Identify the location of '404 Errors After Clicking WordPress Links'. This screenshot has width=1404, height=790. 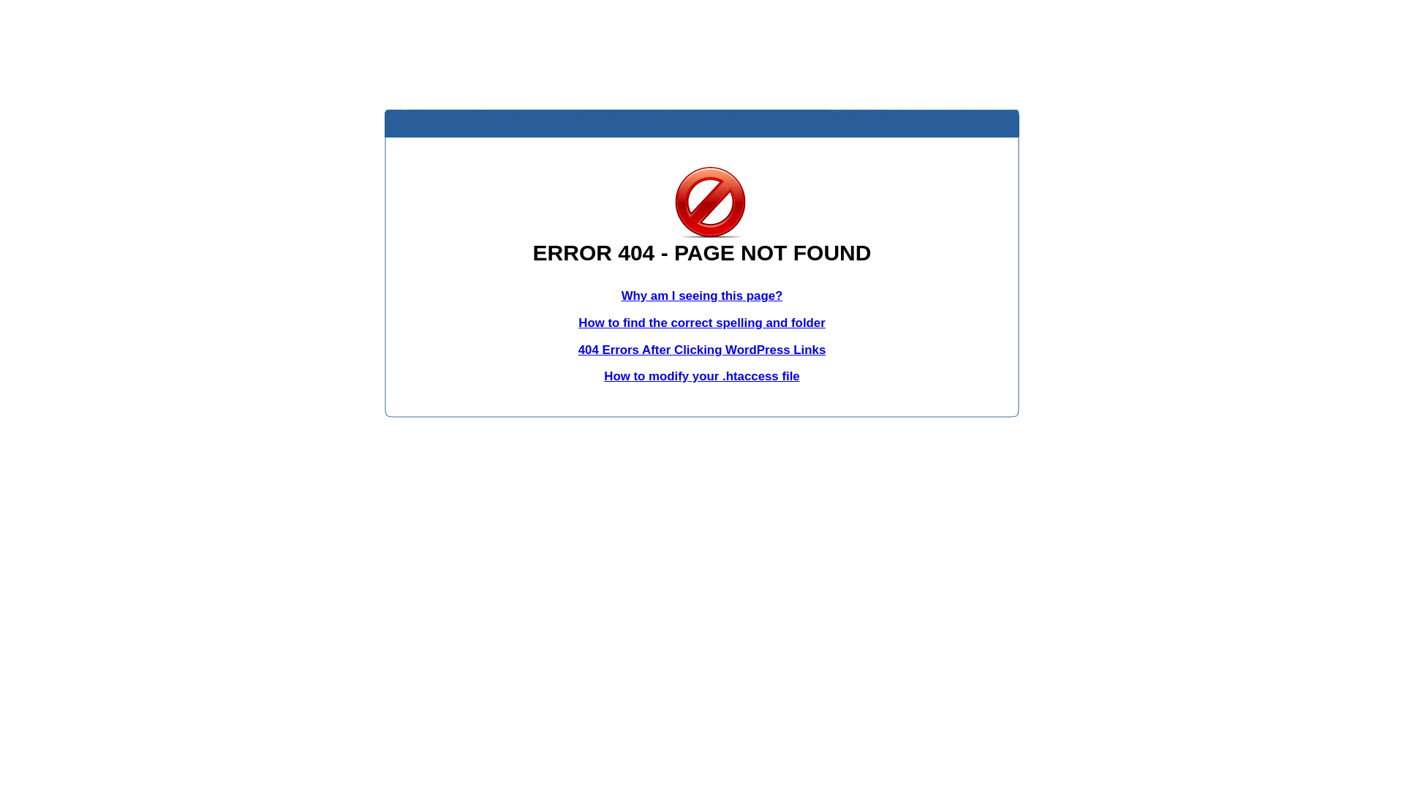
(702, 350).